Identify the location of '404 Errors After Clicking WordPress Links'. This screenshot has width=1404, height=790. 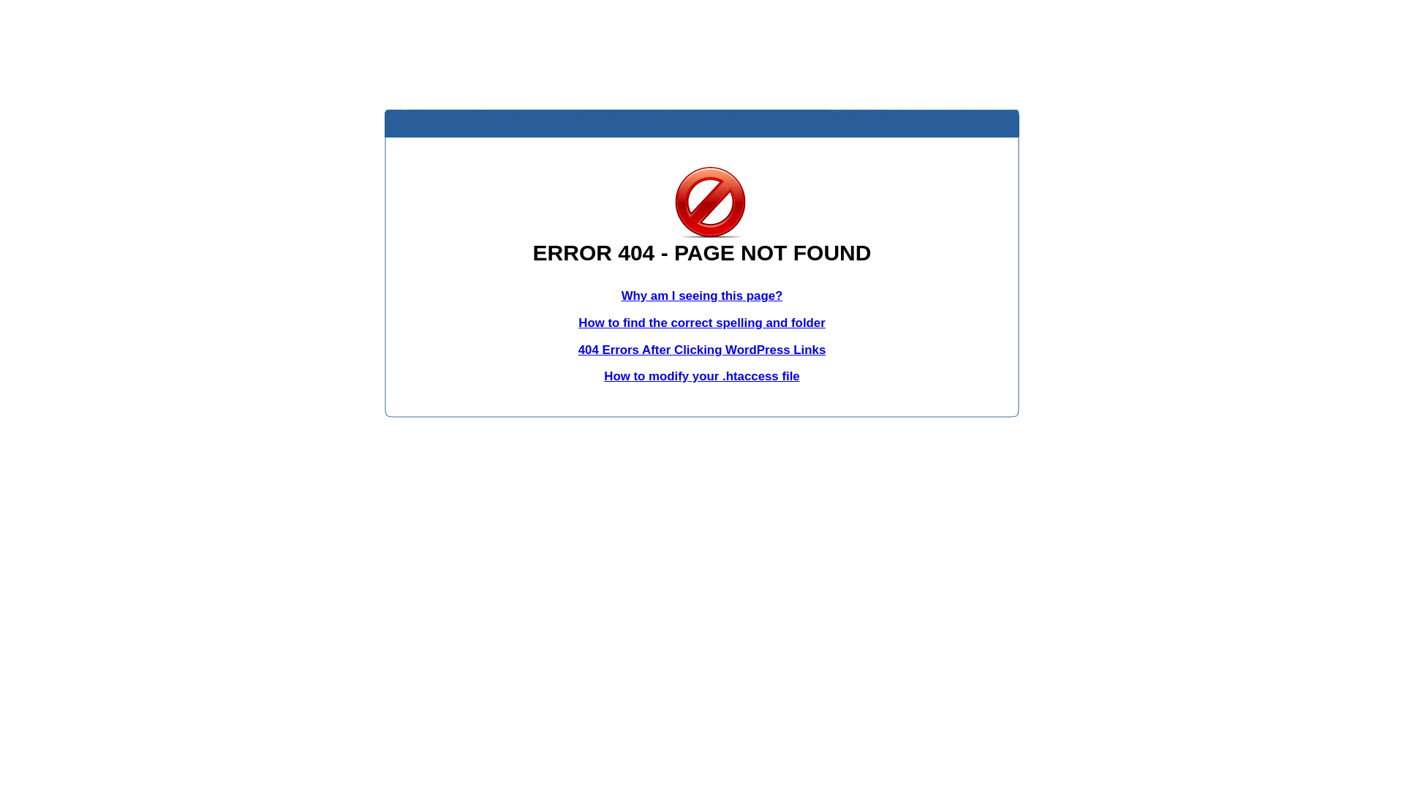
(702, 350).